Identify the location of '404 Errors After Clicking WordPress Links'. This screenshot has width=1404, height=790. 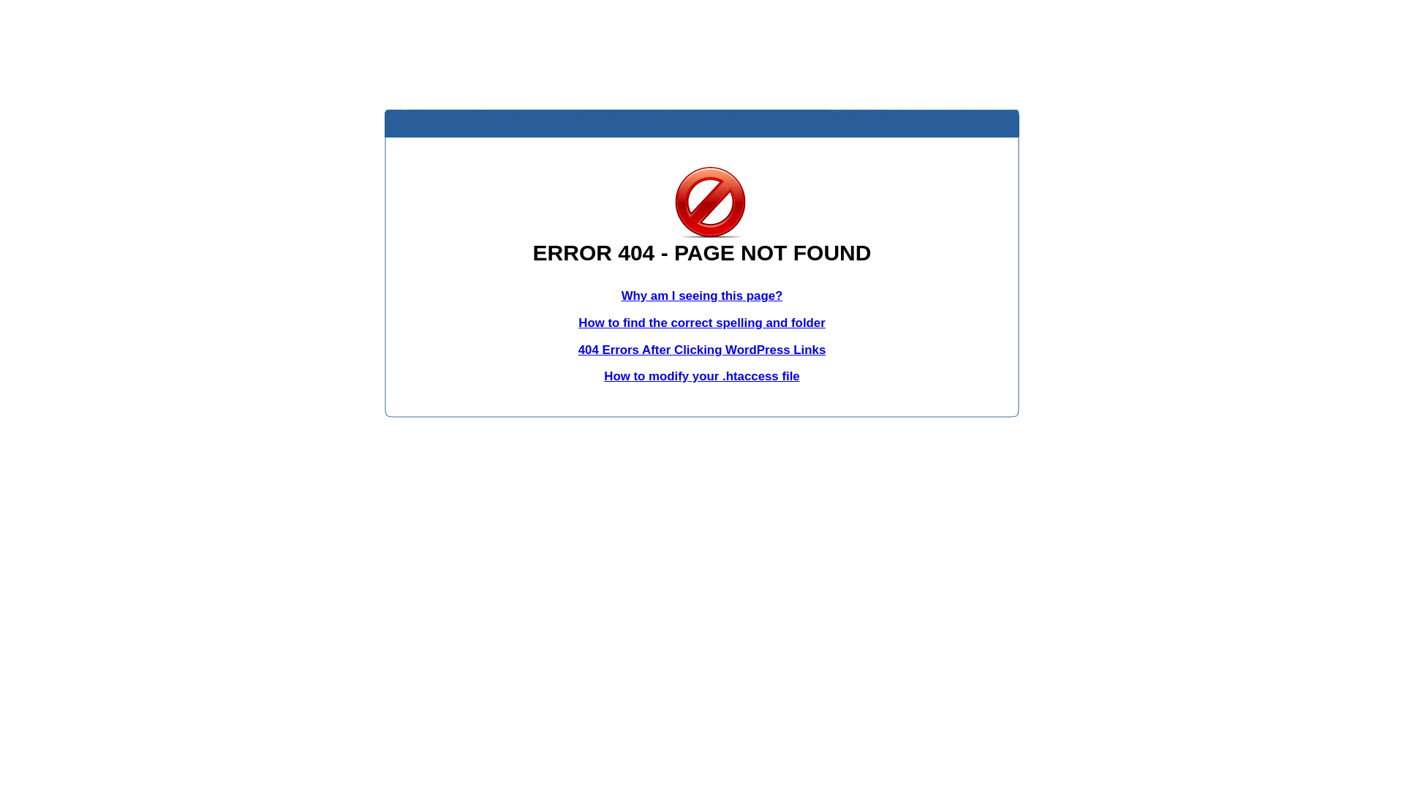
(702, 350).